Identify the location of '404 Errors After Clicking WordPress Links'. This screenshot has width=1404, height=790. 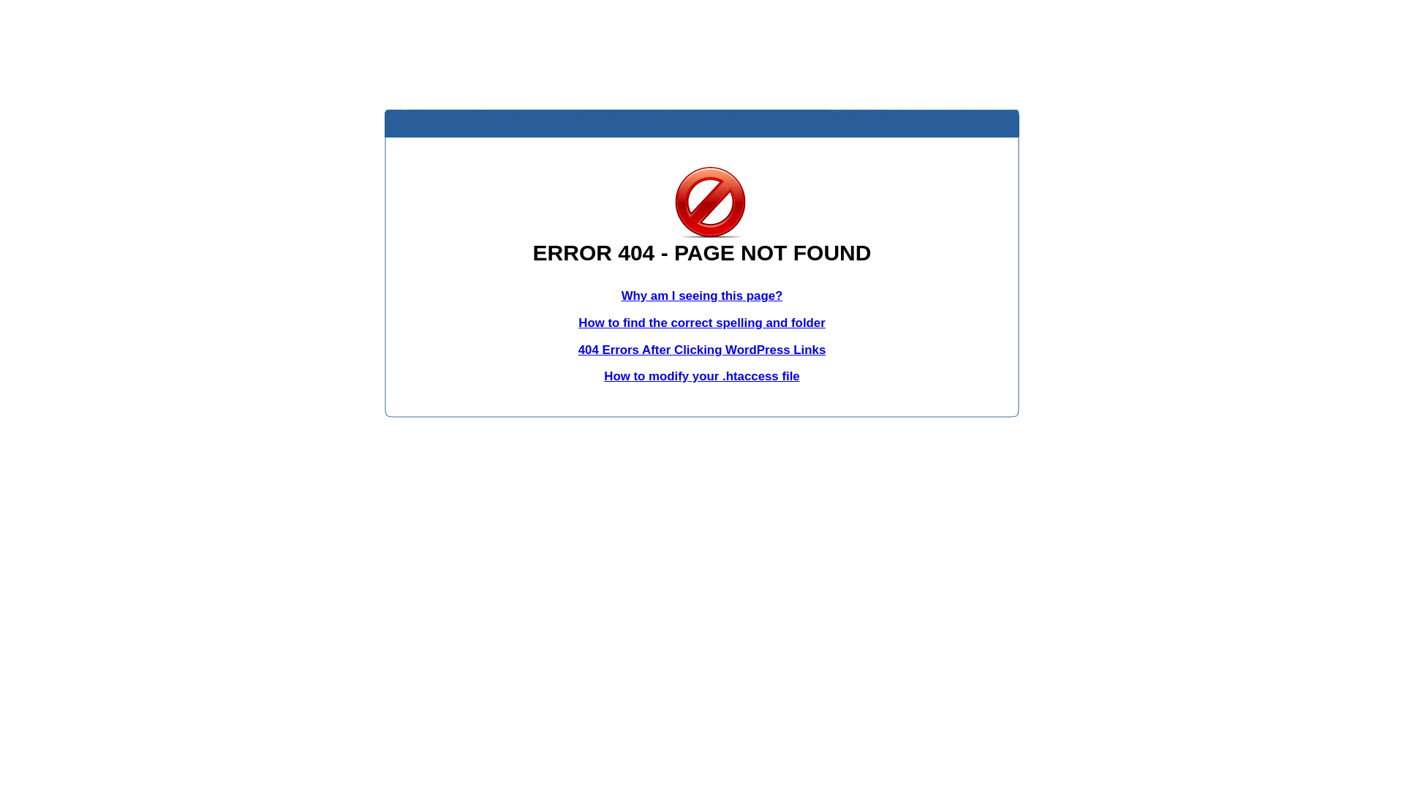
(702, 350).